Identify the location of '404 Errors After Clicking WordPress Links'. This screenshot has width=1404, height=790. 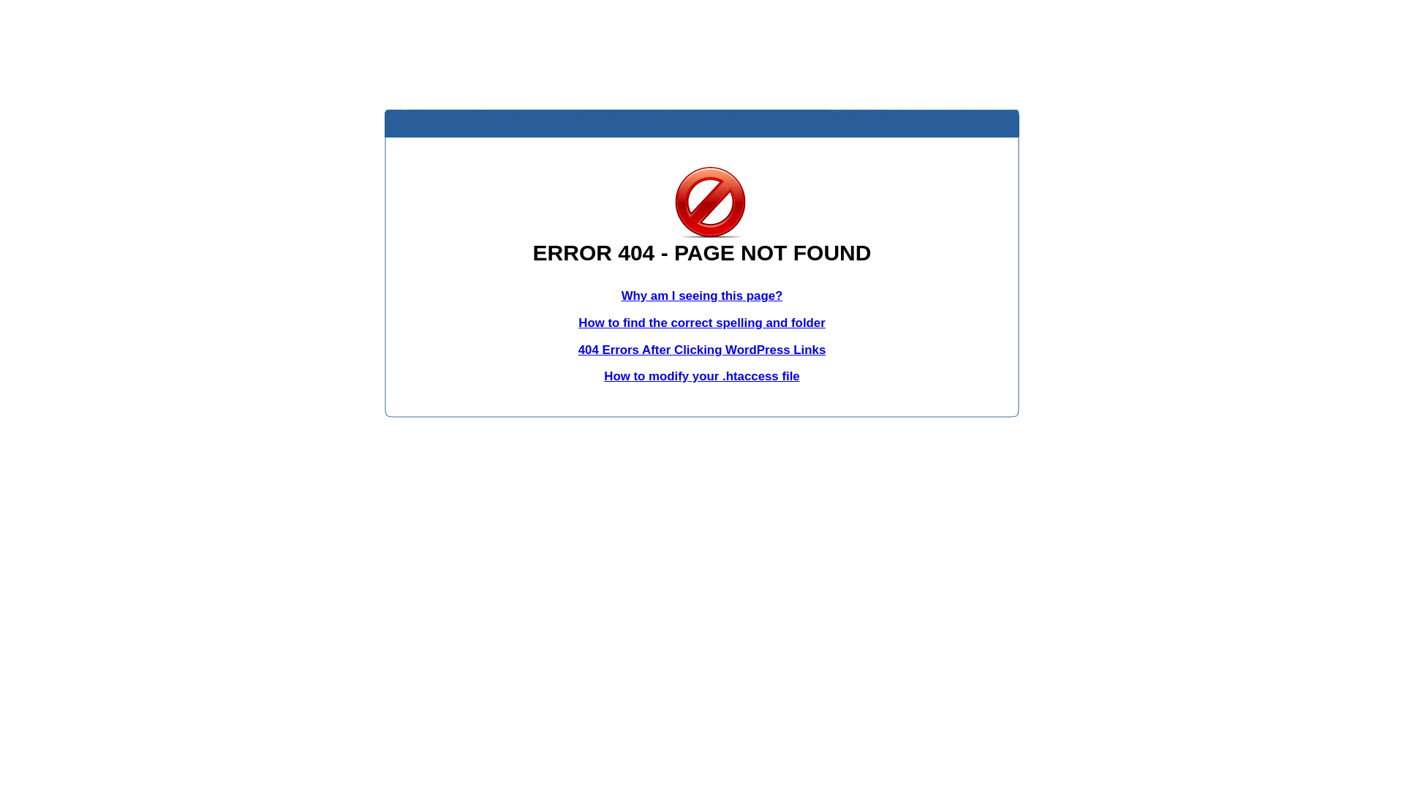
(702, 350).